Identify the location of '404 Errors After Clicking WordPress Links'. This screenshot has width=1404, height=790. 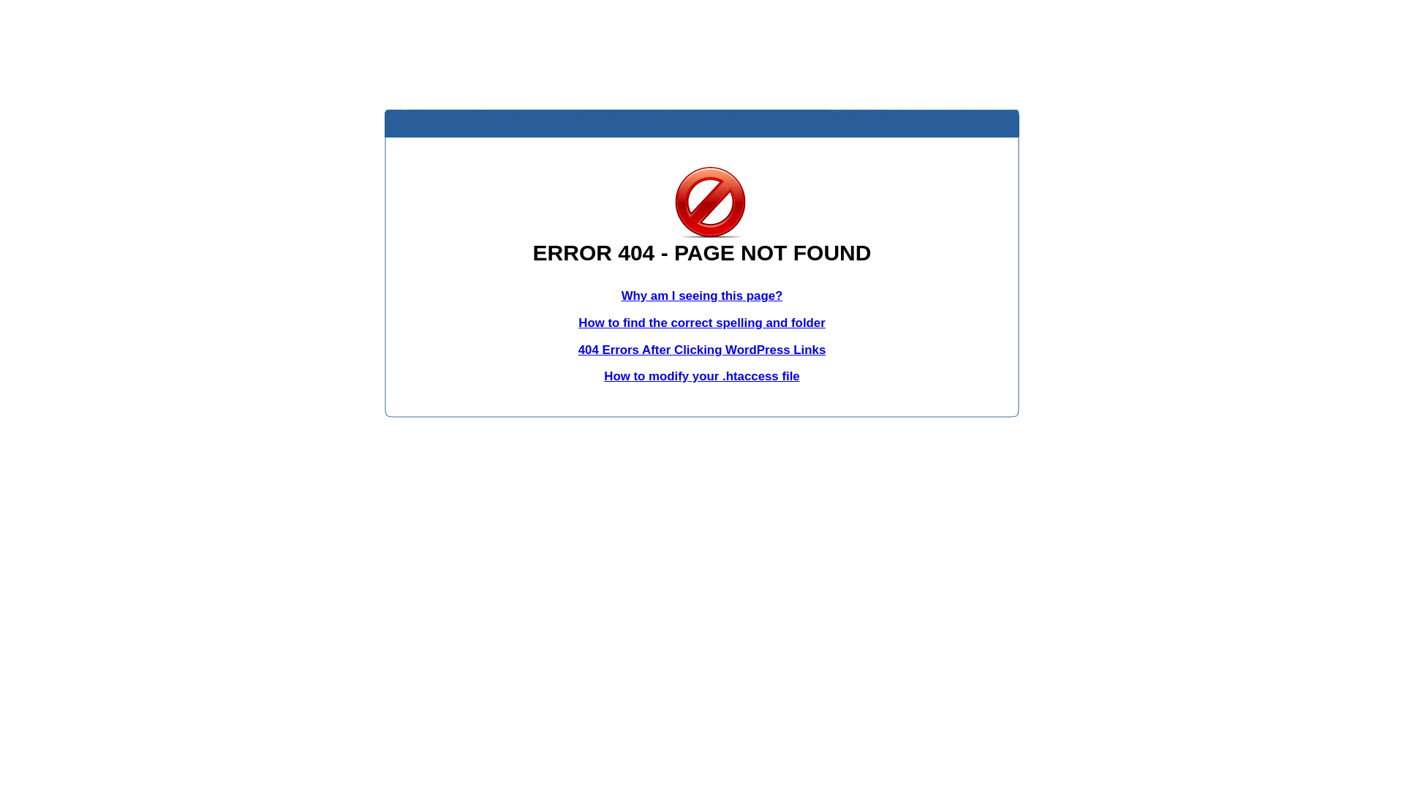
(702, 350).